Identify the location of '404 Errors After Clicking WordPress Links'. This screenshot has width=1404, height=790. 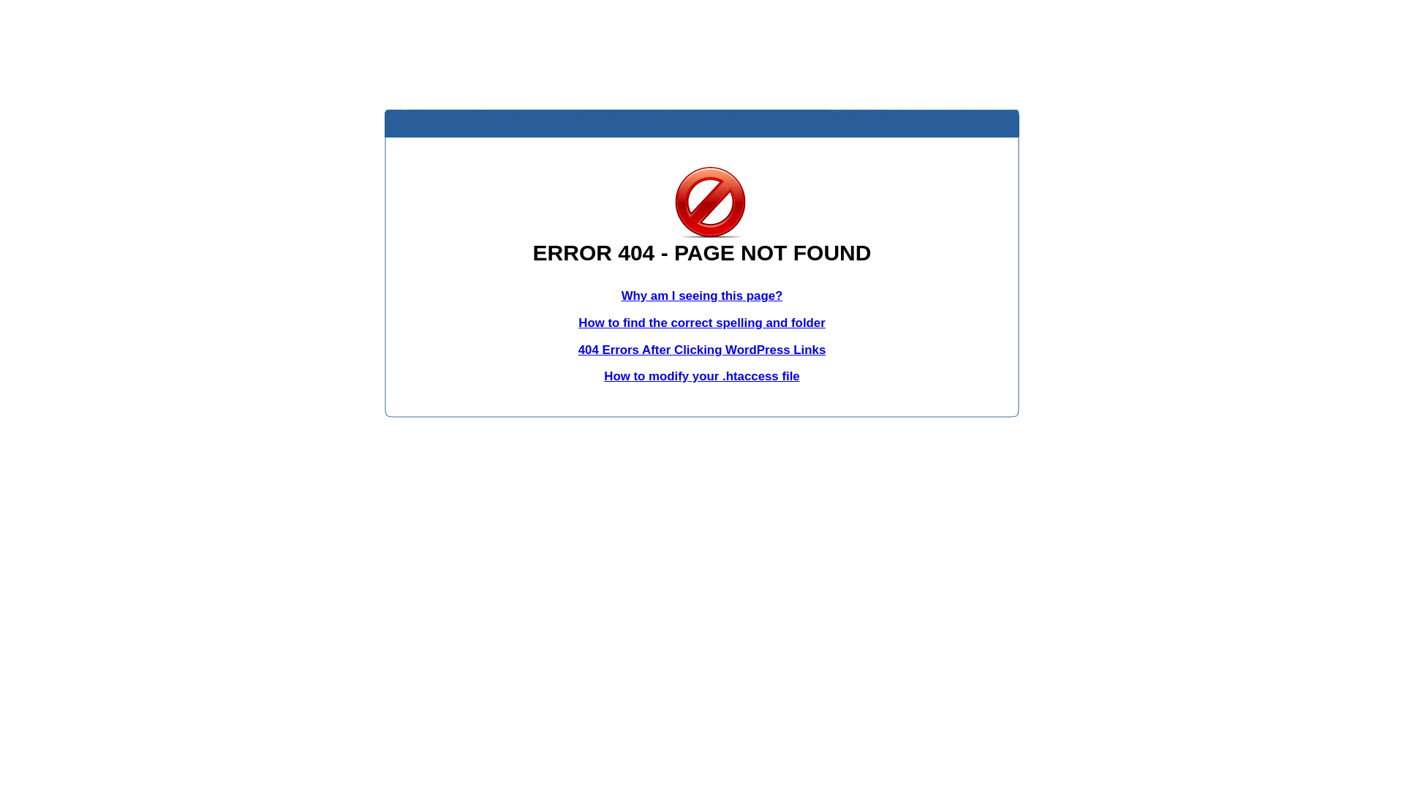
(702, 350).